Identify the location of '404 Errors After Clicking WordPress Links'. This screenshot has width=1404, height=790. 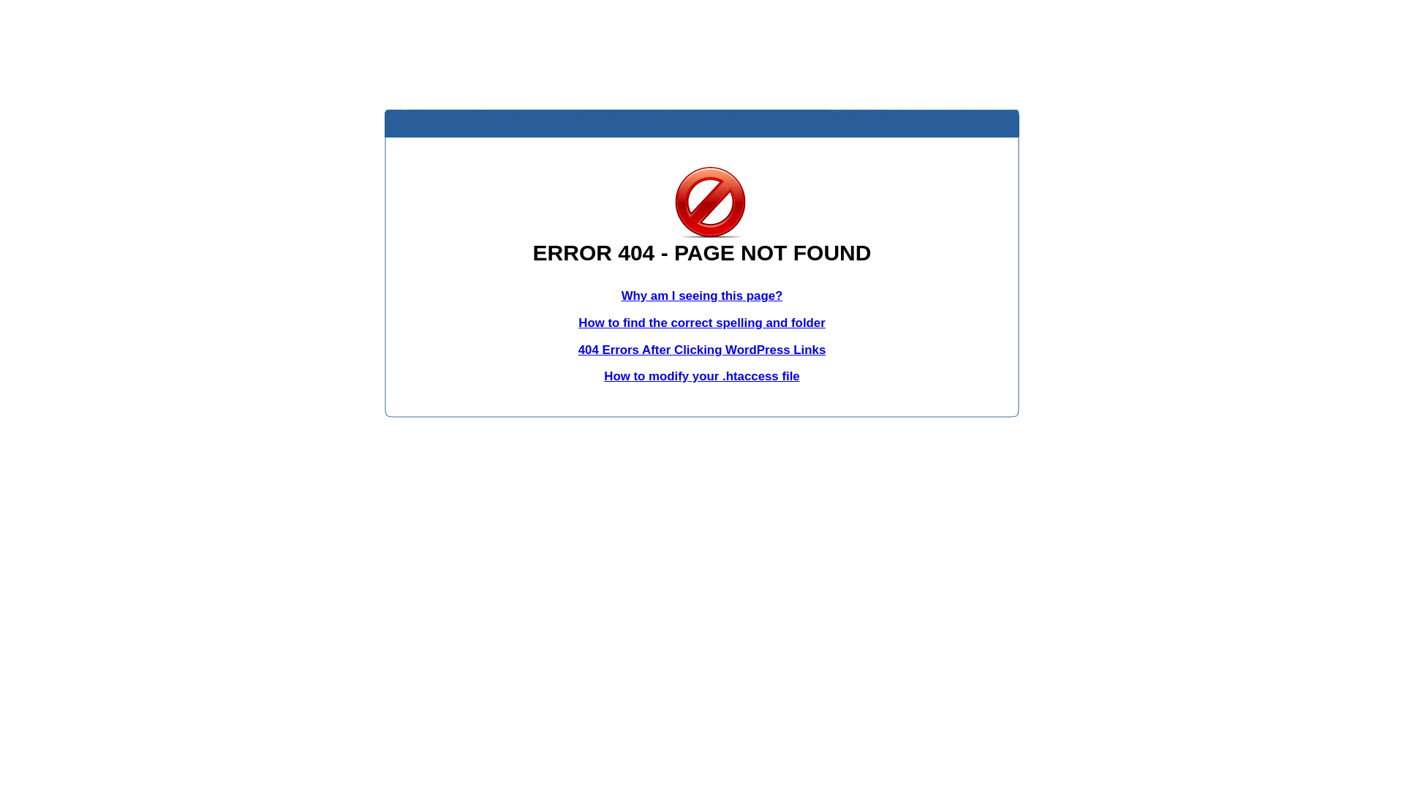
(702, 350).